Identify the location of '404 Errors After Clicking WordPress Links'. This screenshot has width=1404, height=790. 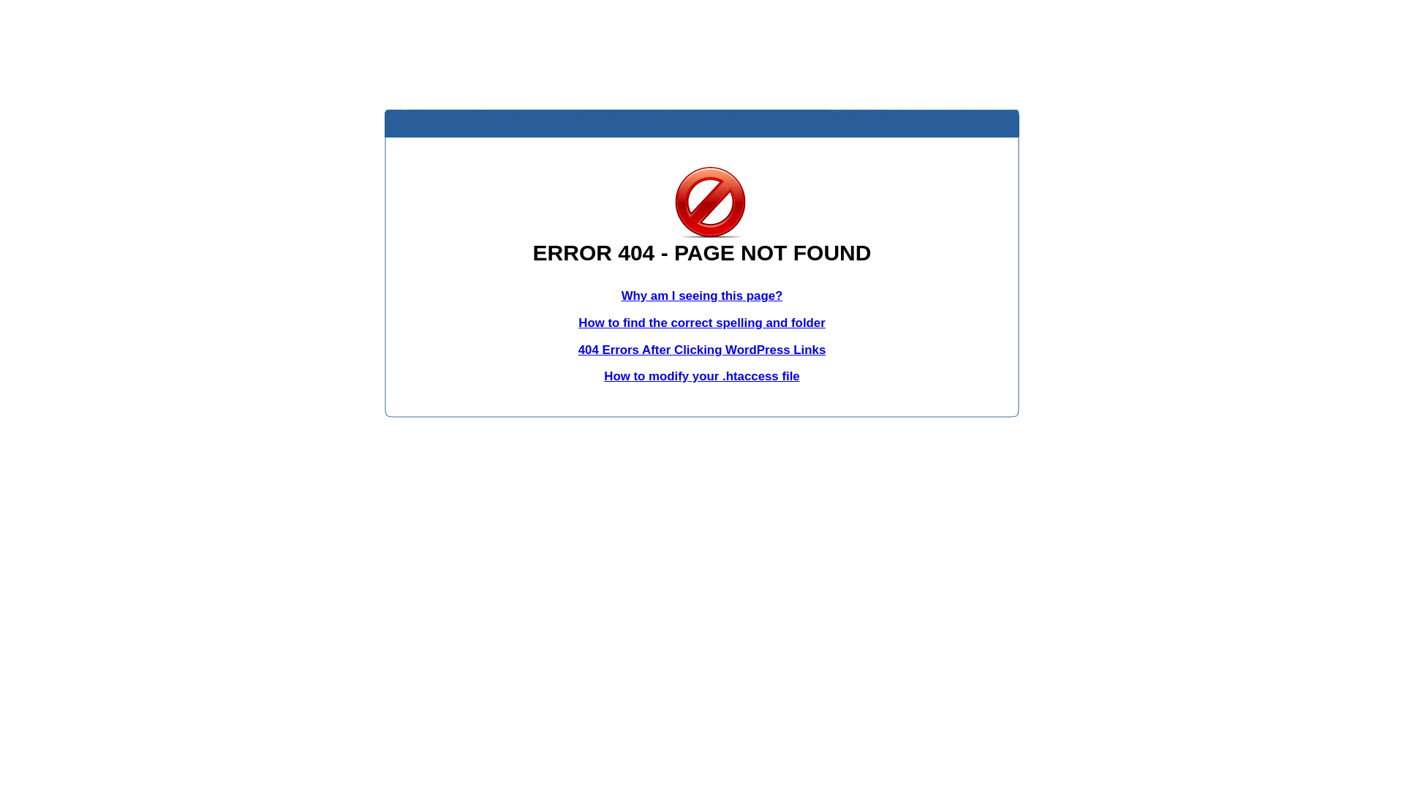
(702, 350).